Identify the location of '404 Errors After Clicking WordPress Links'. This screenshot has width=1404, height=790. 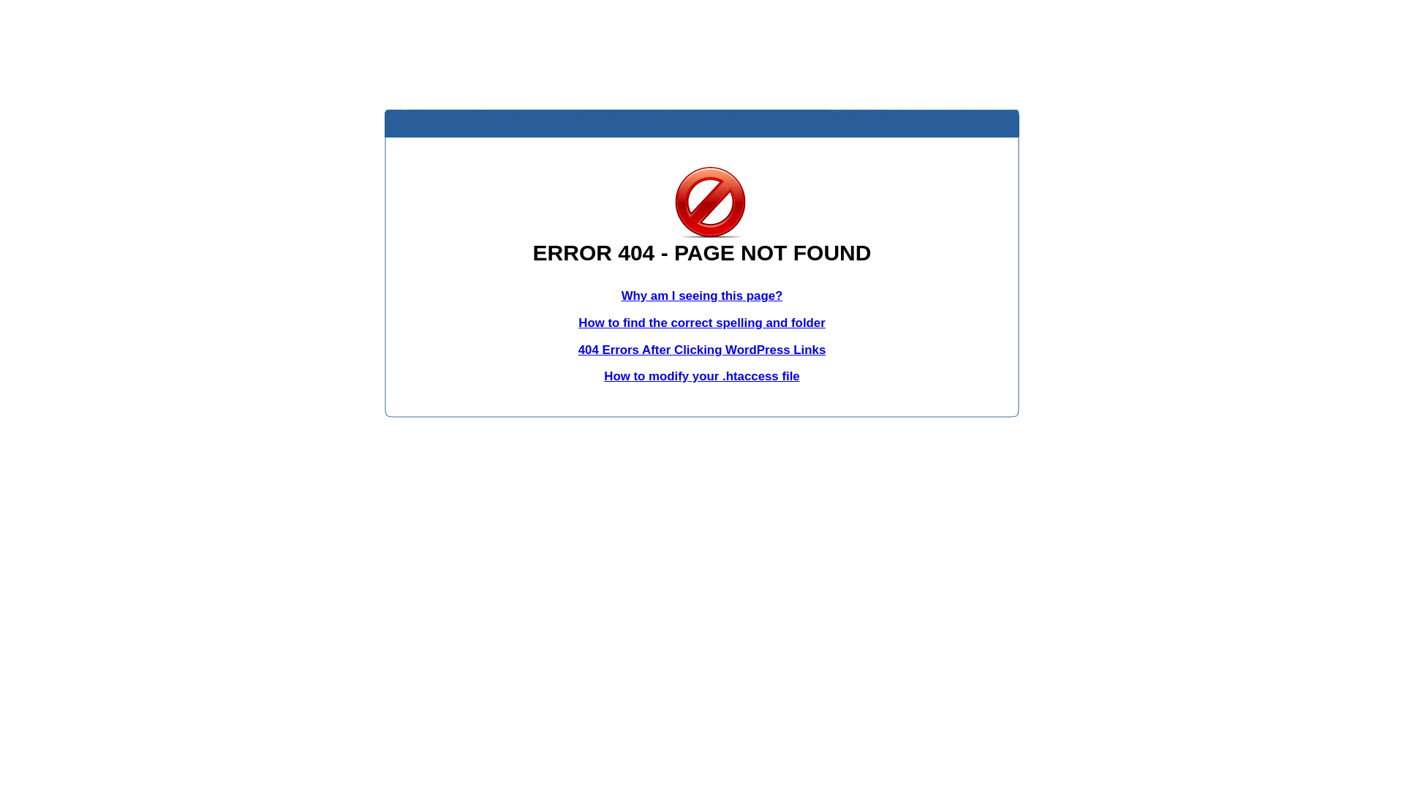
(702, 350).